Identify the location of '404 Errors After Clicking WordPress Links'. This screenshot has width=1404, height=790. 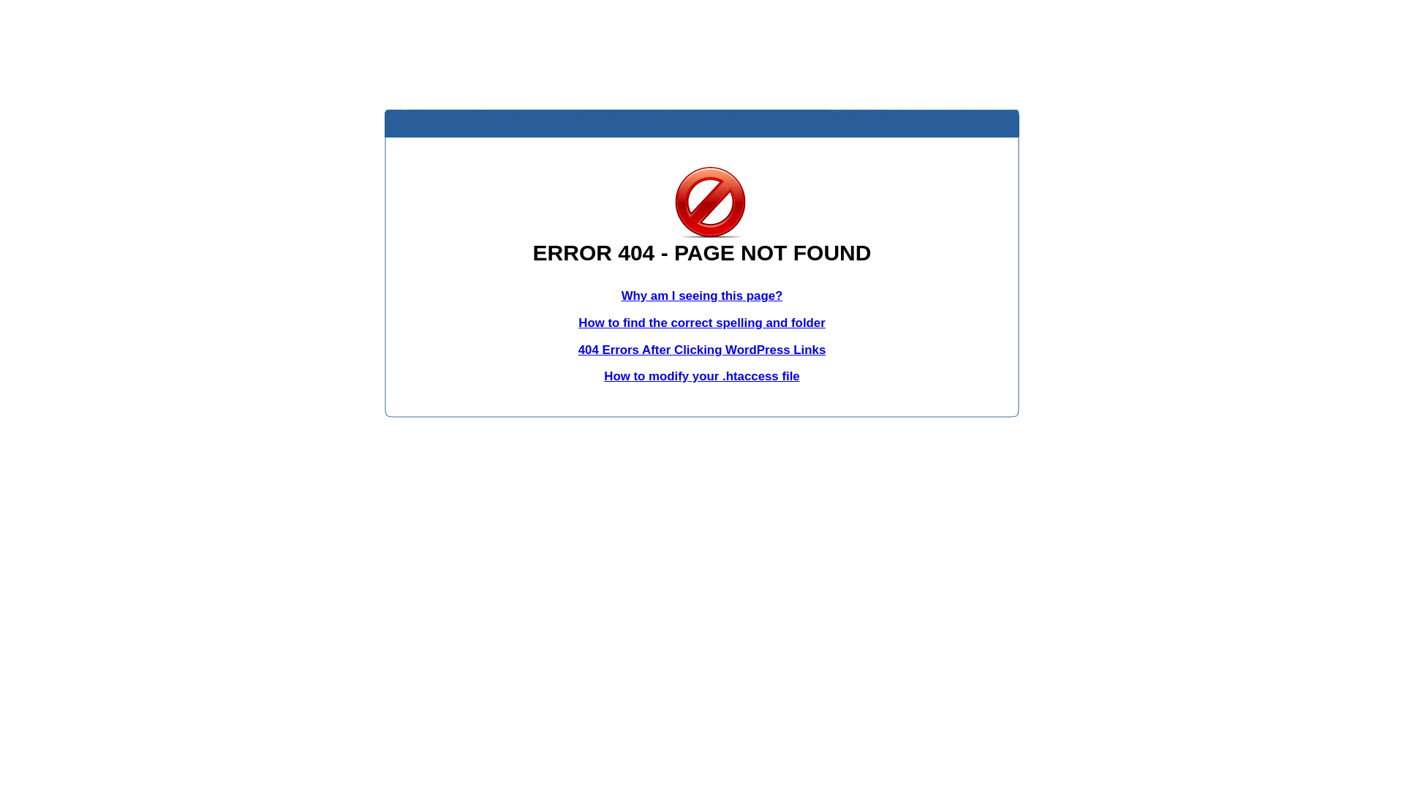
(702, 350).